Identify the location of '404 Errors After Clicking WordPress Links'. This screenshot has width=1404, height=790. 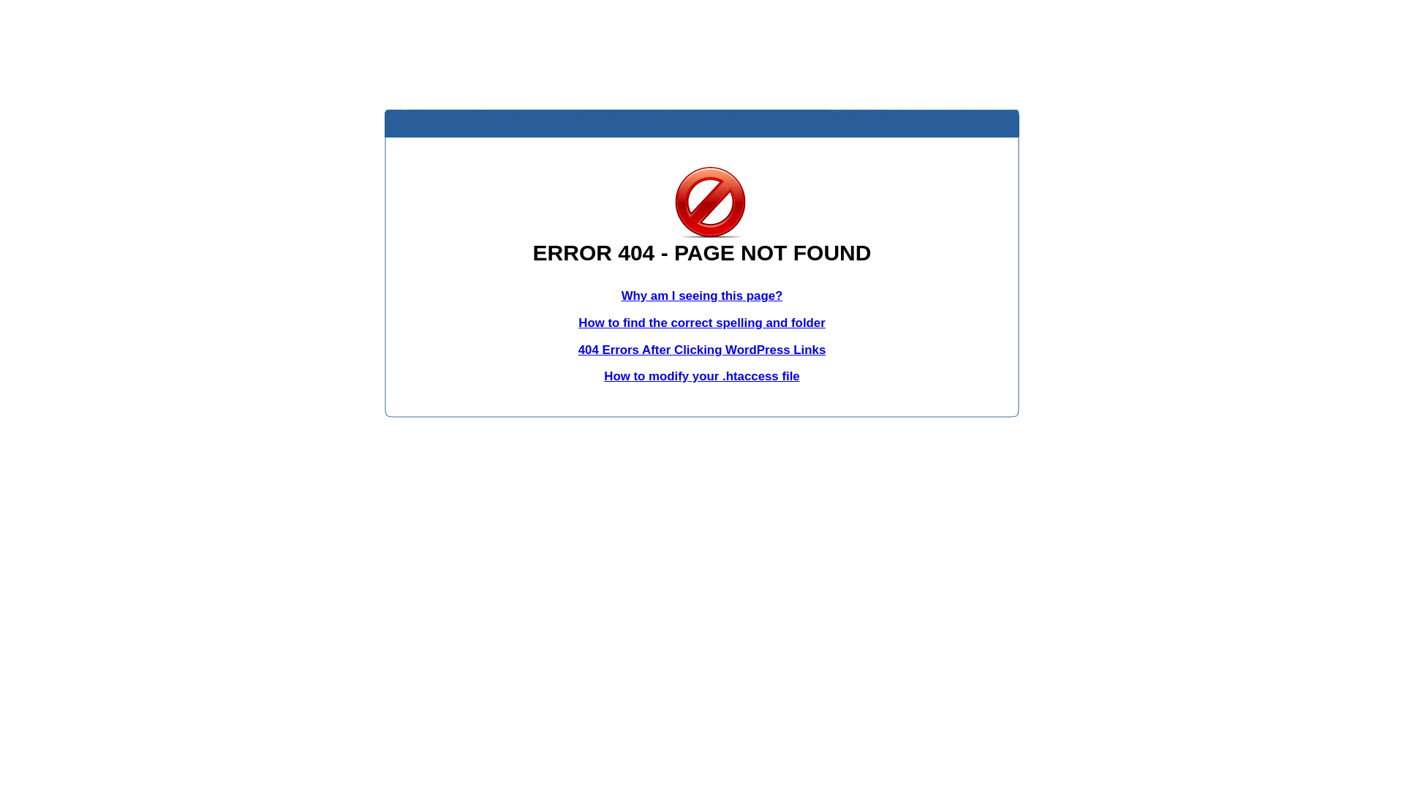
(702, 350).